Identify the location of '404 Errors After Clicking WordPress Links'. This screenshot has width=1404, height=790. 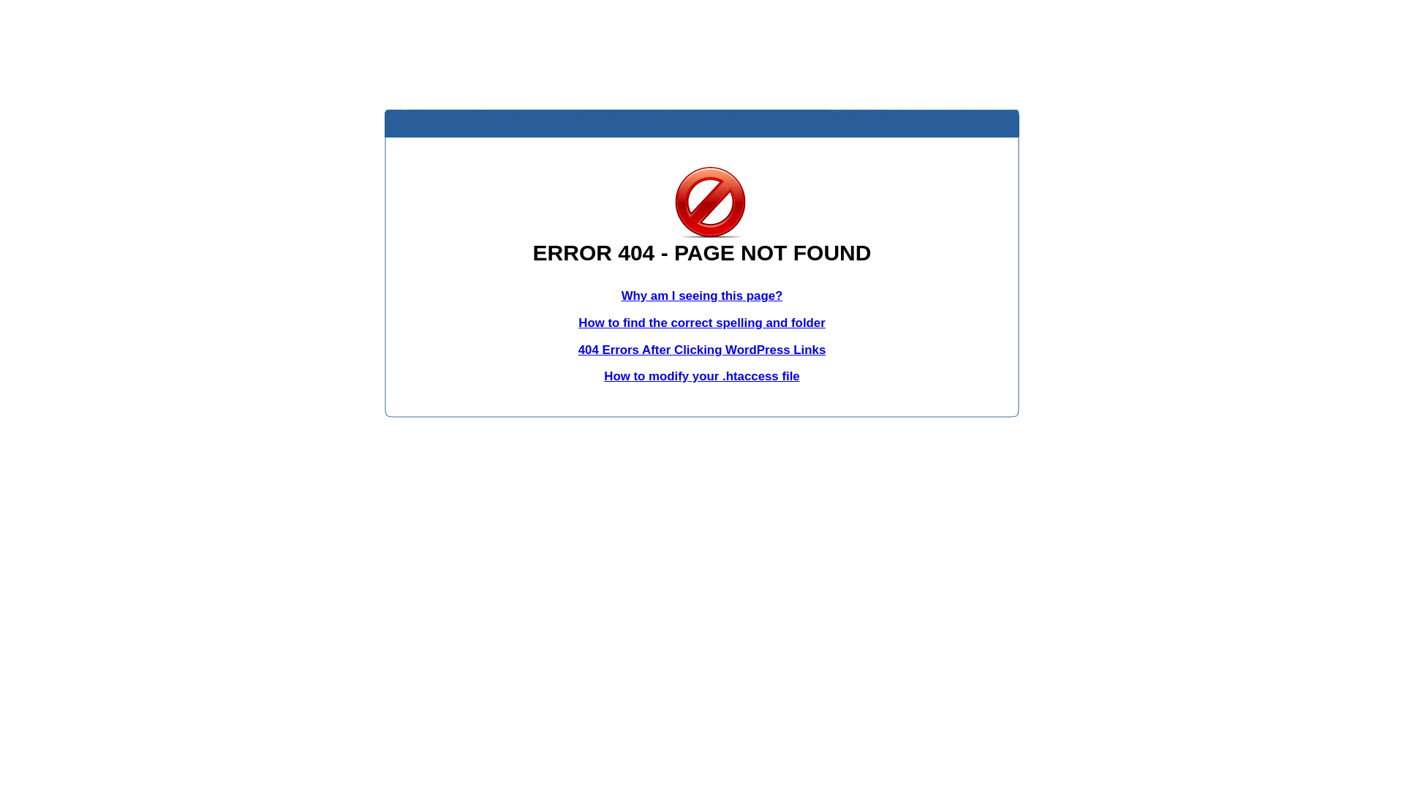
(702, 350).